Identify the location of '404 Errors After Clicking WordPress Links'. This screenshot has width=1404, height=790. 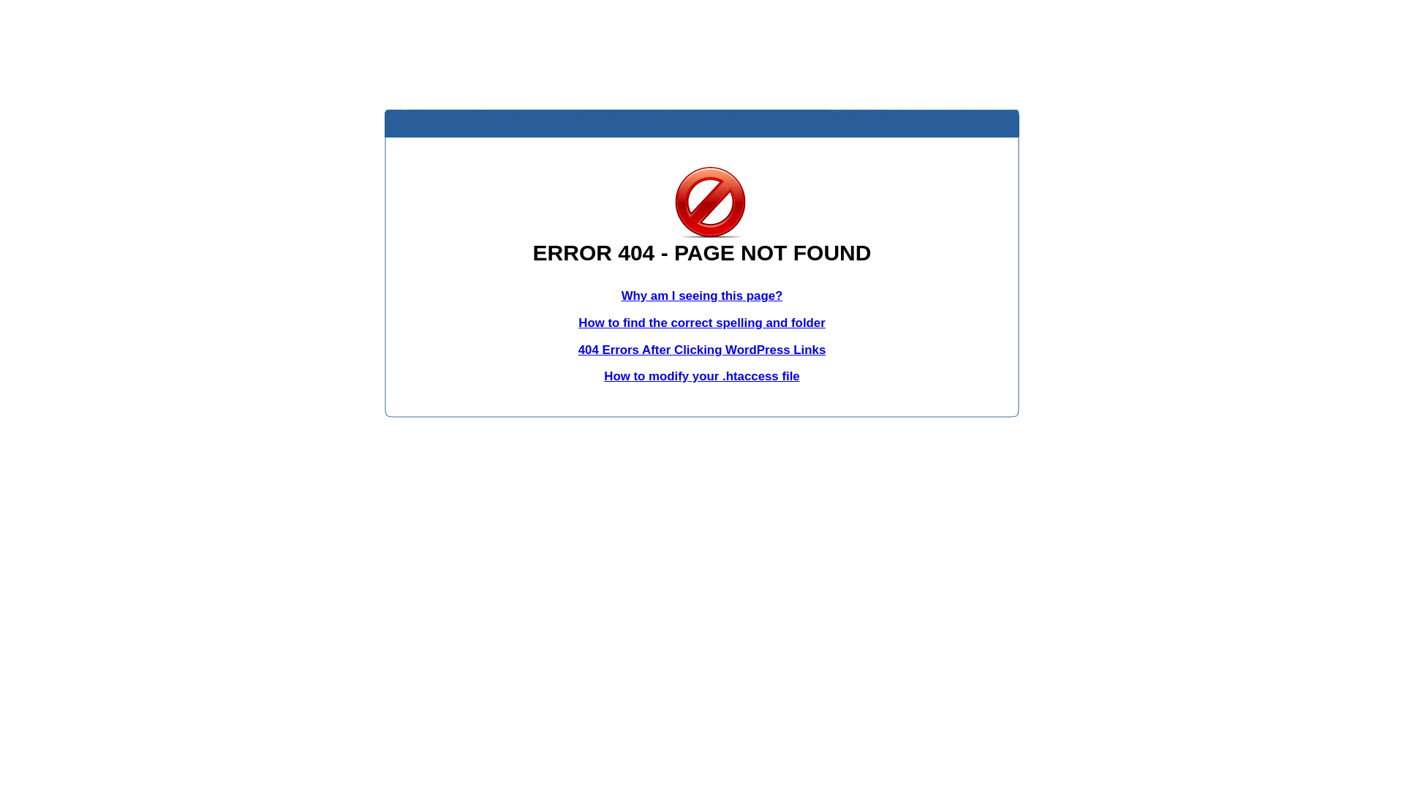
(702, 350).